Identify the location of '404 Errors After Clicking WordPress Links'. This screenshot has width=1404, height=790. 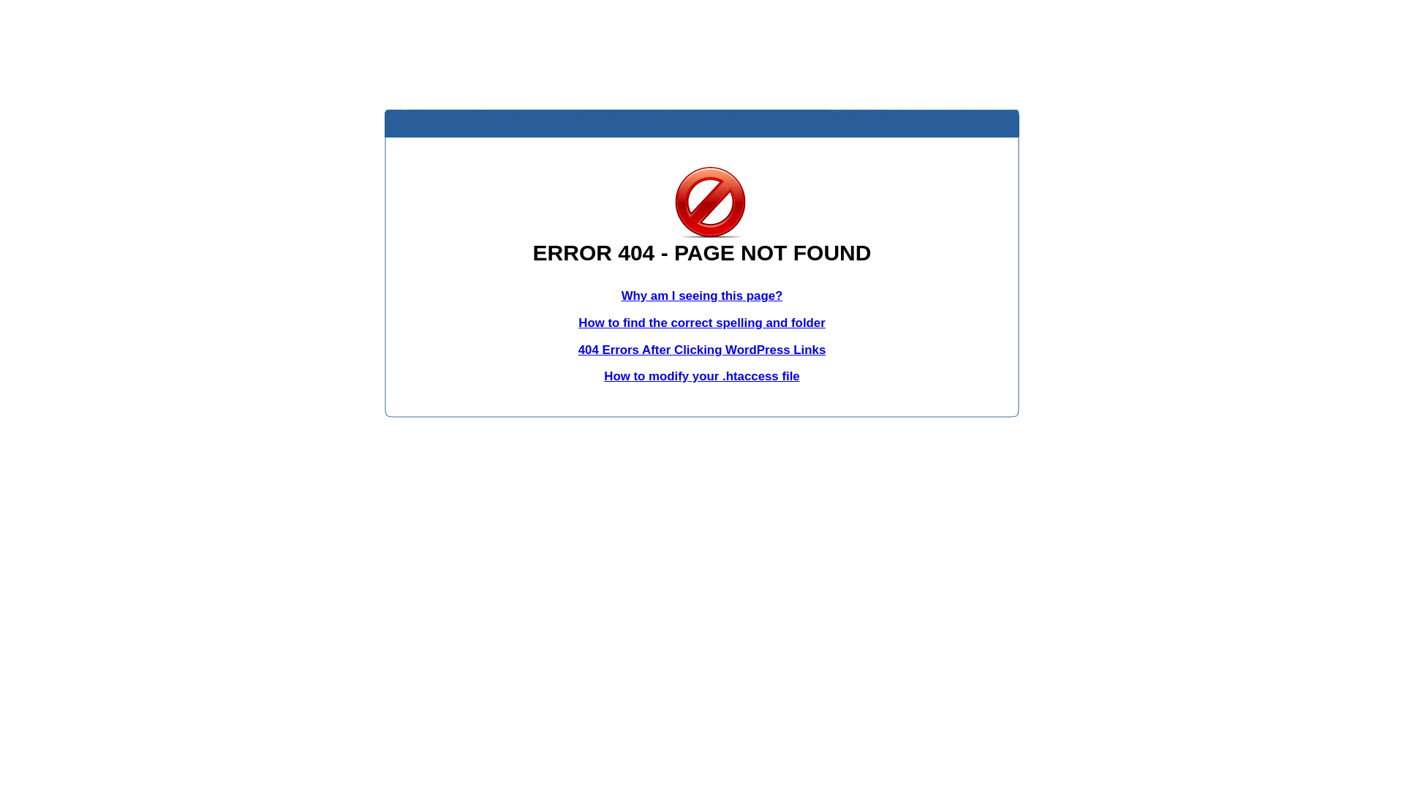
(702, 350).